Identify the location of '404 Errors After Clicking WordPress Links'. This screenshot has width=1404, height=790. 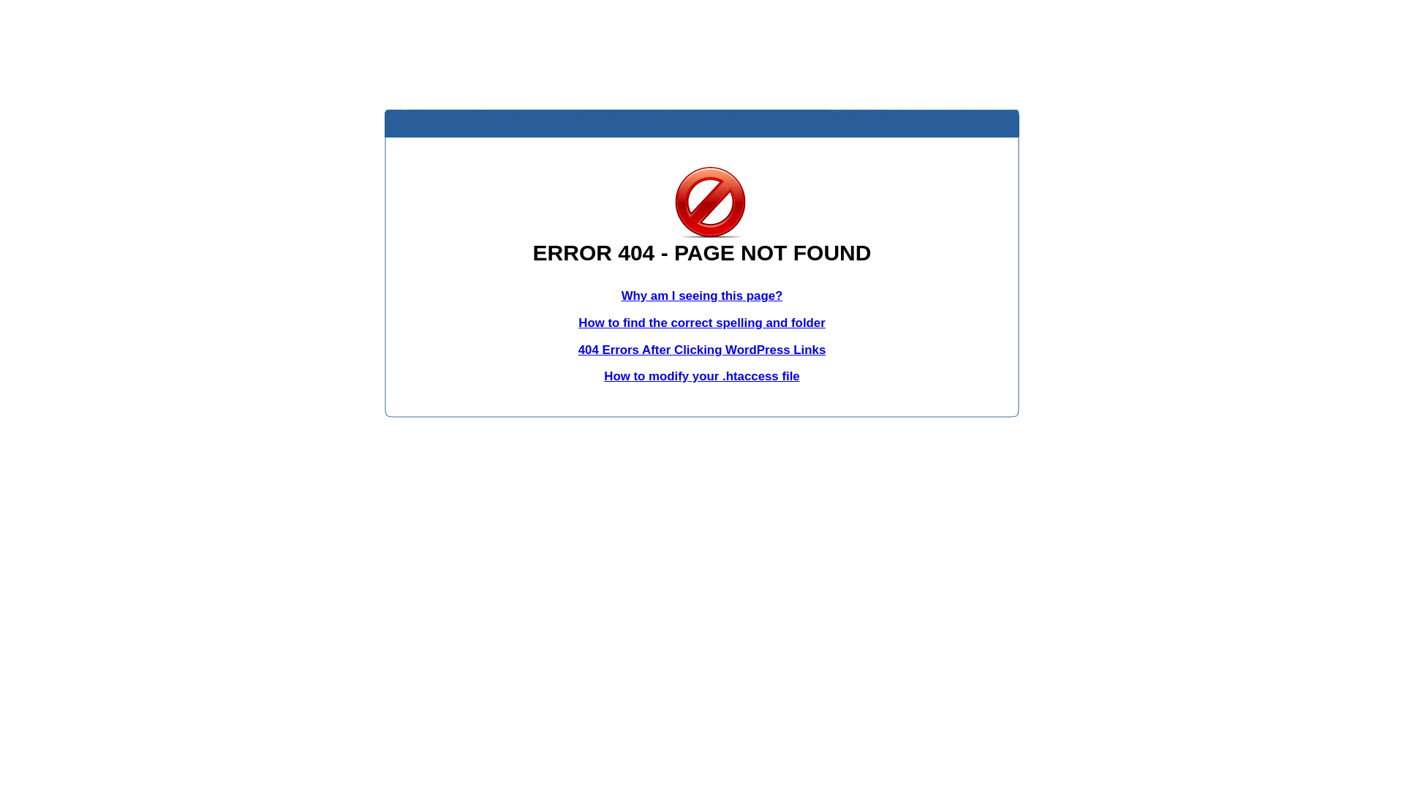
(702, 350).